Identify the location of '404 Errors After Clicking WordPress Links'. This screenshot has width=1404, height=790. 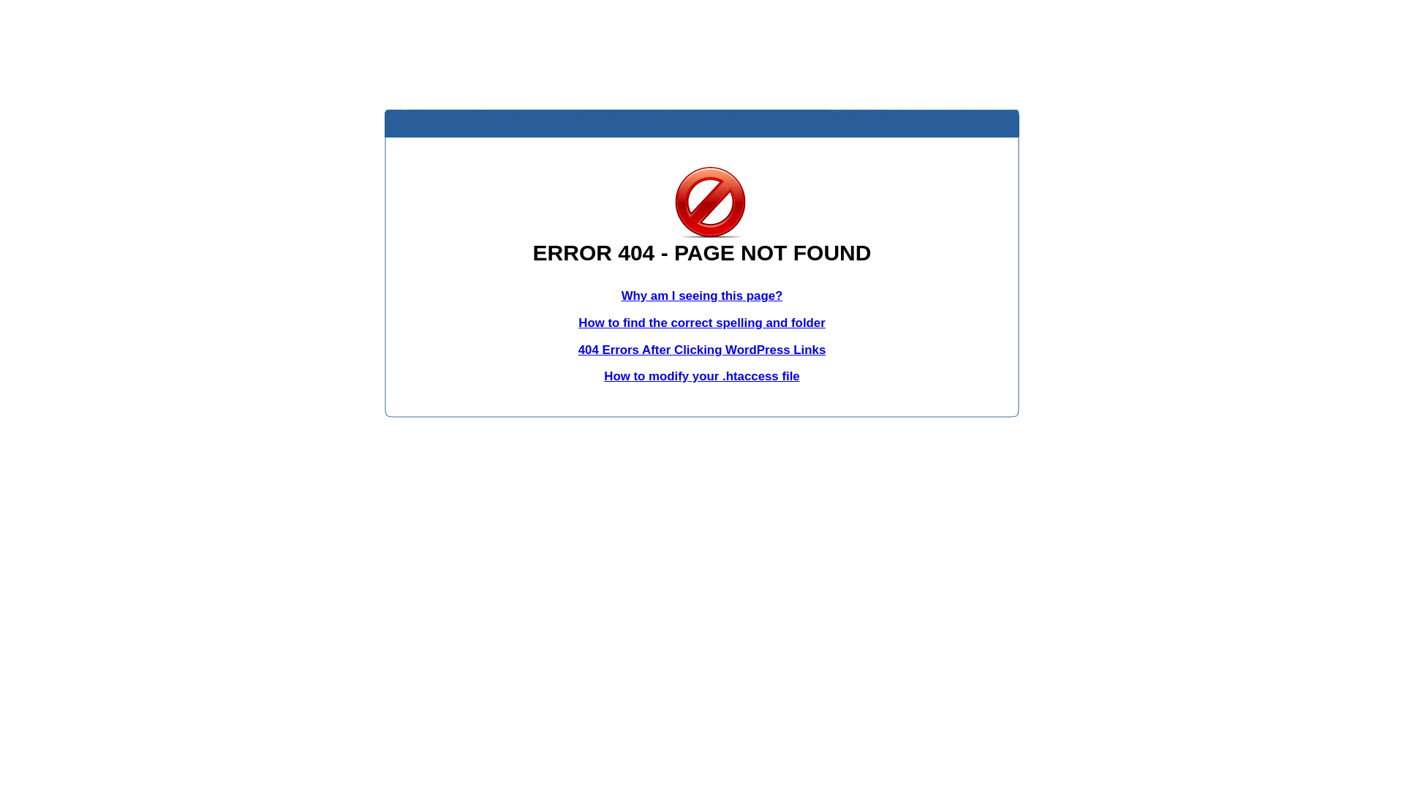
(702, 350).